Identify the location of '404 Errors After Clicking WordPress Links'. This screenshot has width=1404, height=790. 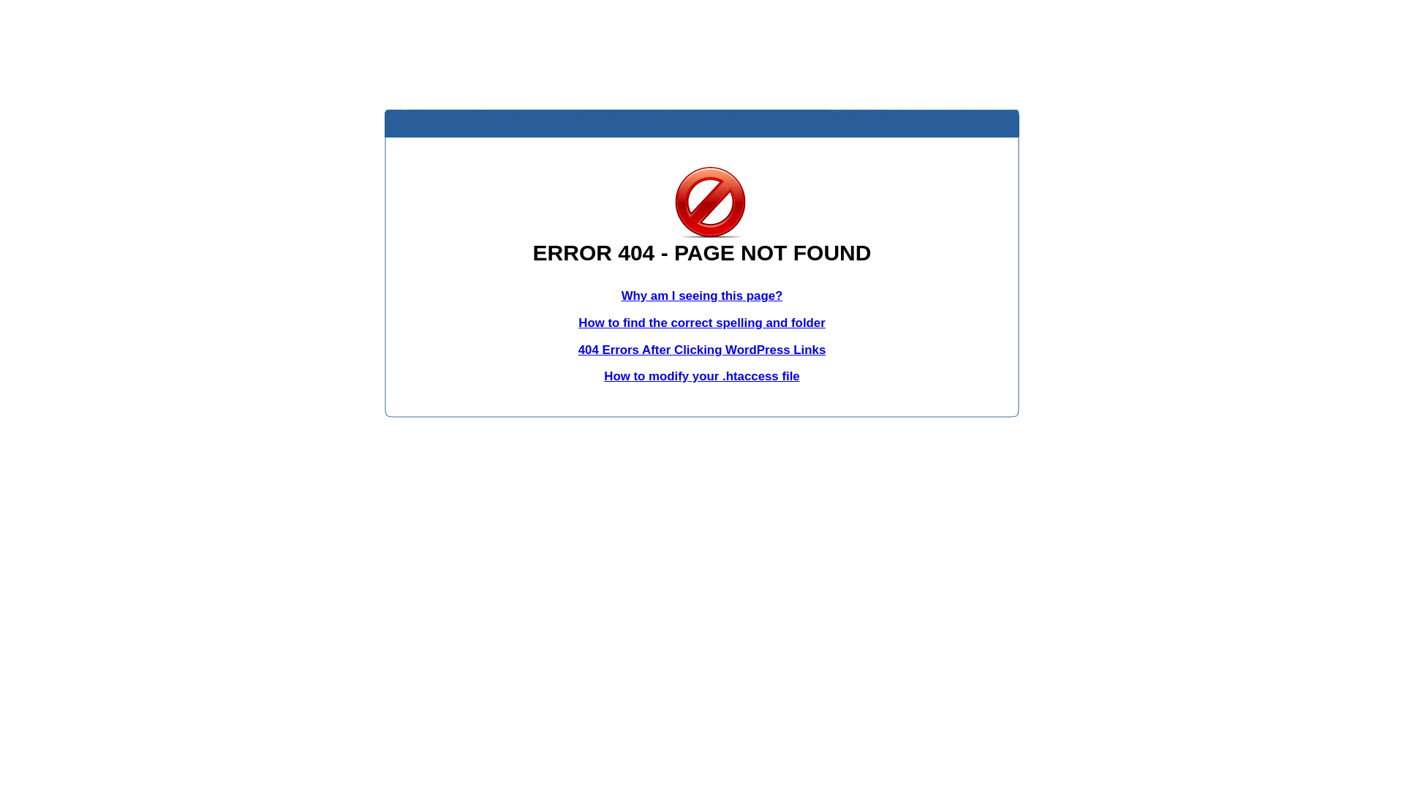
(702, 350).